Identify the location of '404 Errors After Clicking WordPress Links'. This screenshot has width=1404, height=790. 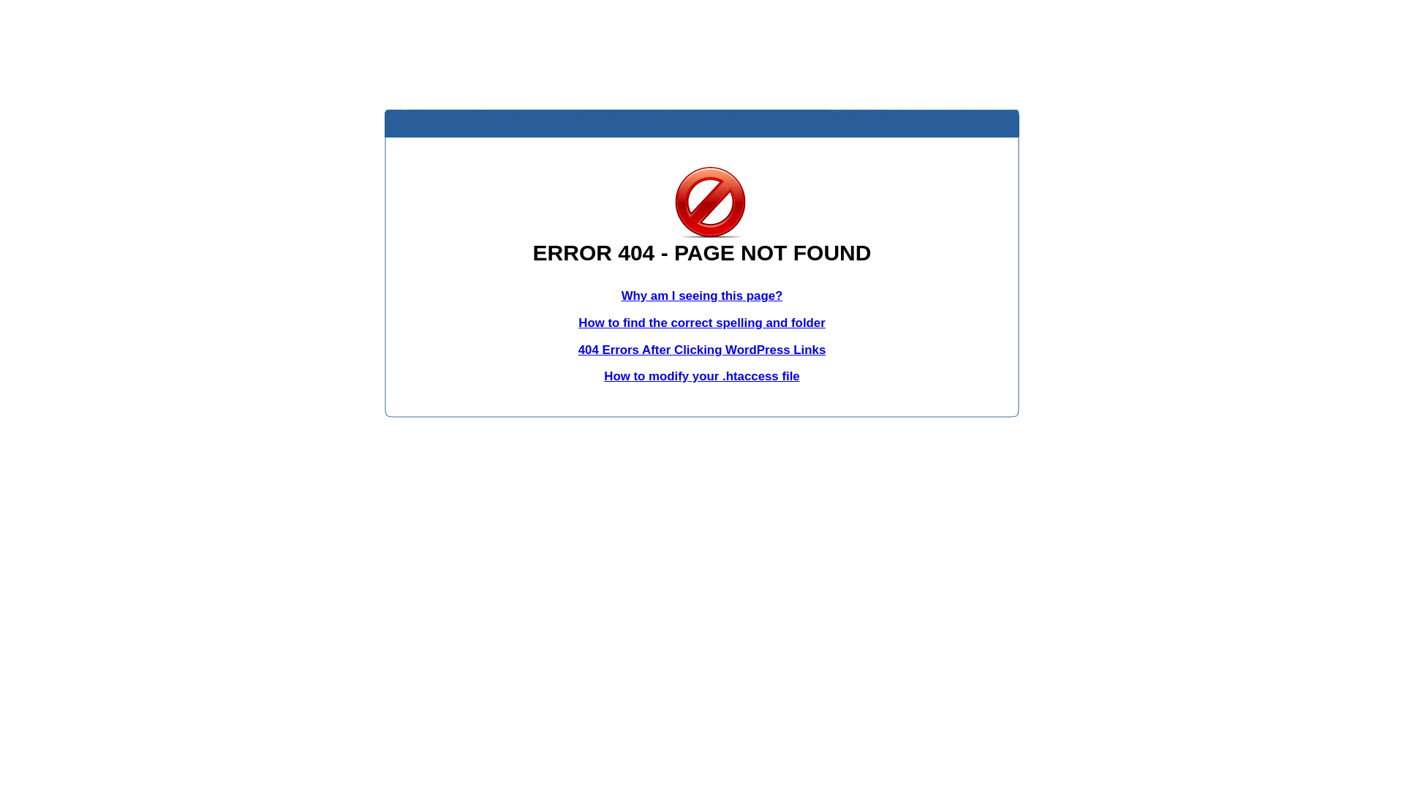
(702, 350).